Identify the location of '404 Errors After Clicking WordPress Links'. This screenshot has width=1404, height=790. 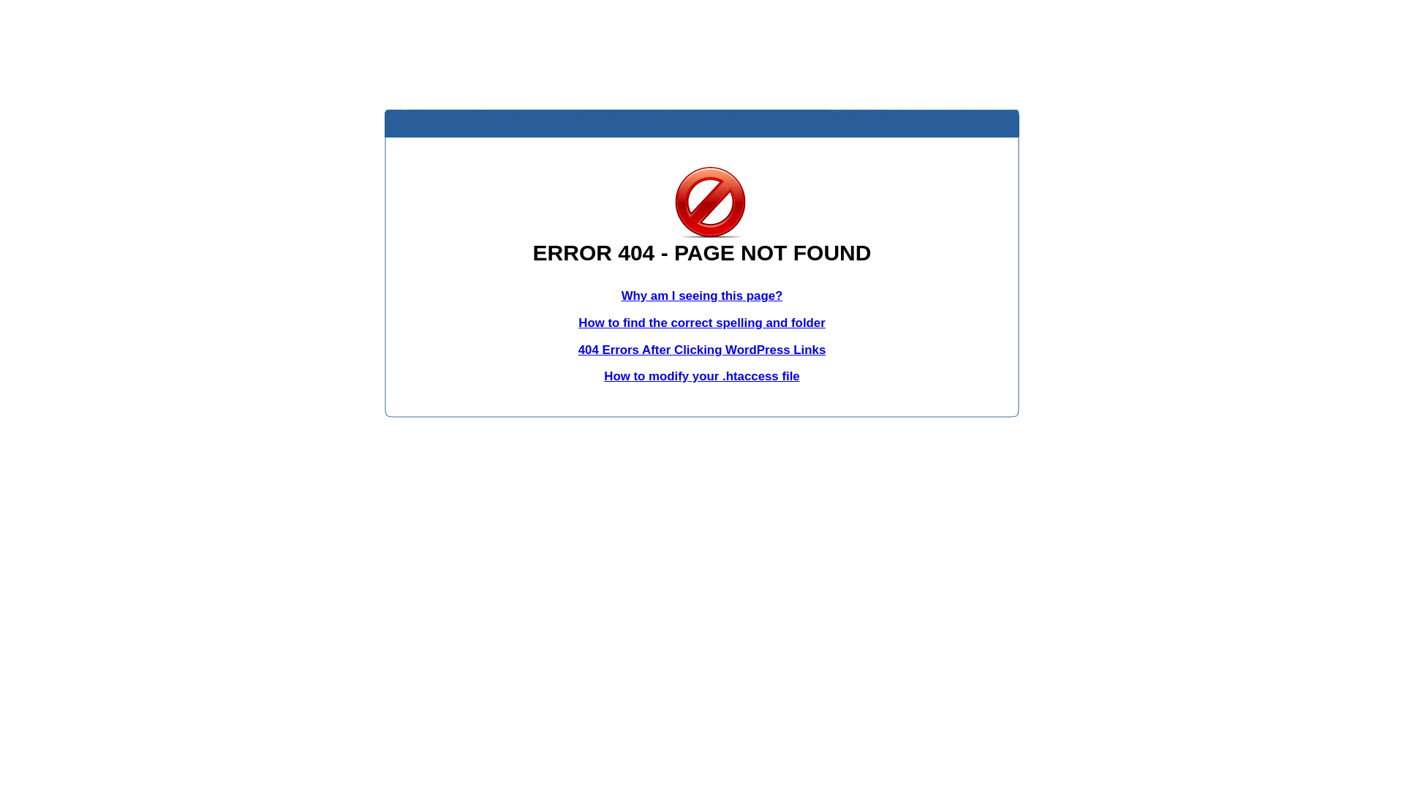
(702, 350).